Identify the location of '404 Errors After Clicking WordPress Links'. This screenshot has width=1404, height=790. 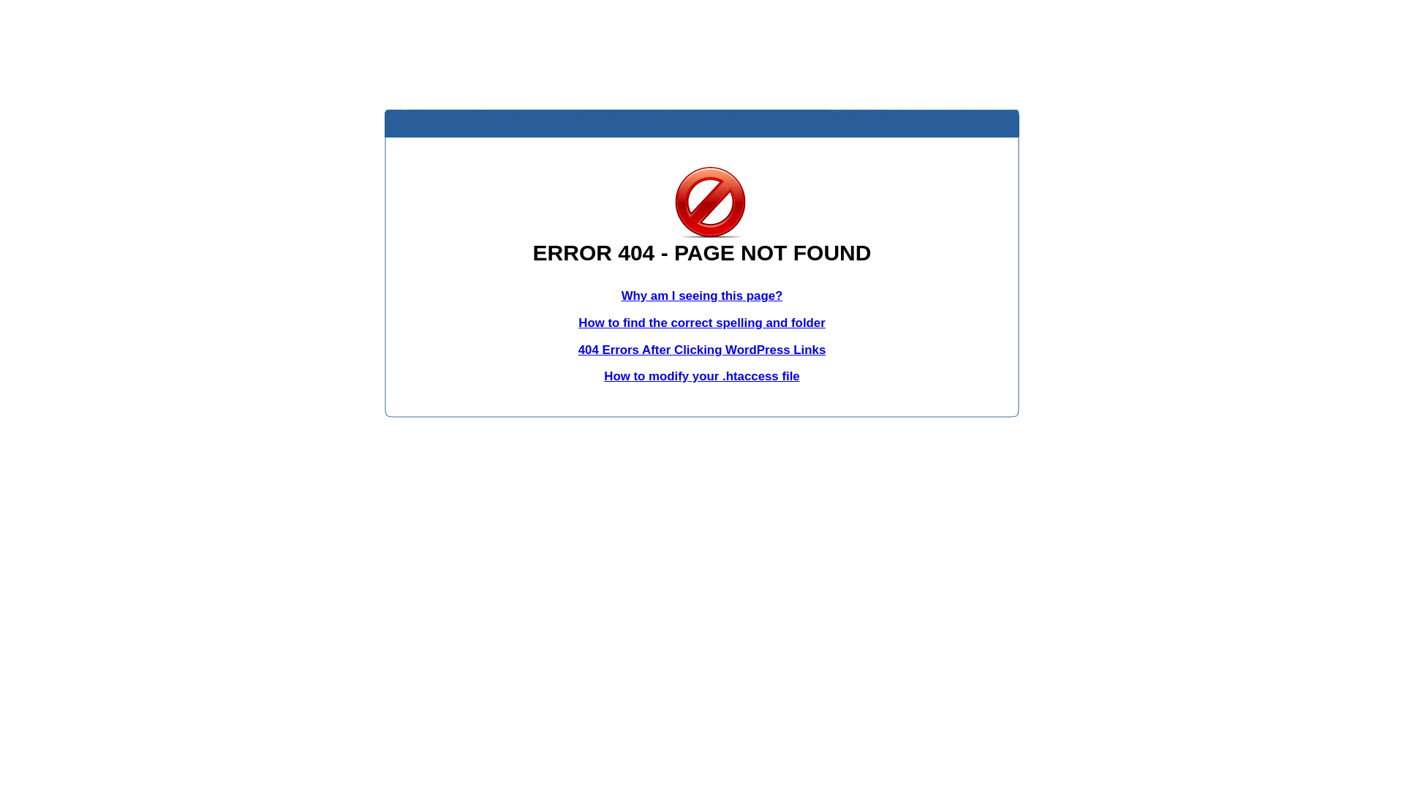
(702, 350).